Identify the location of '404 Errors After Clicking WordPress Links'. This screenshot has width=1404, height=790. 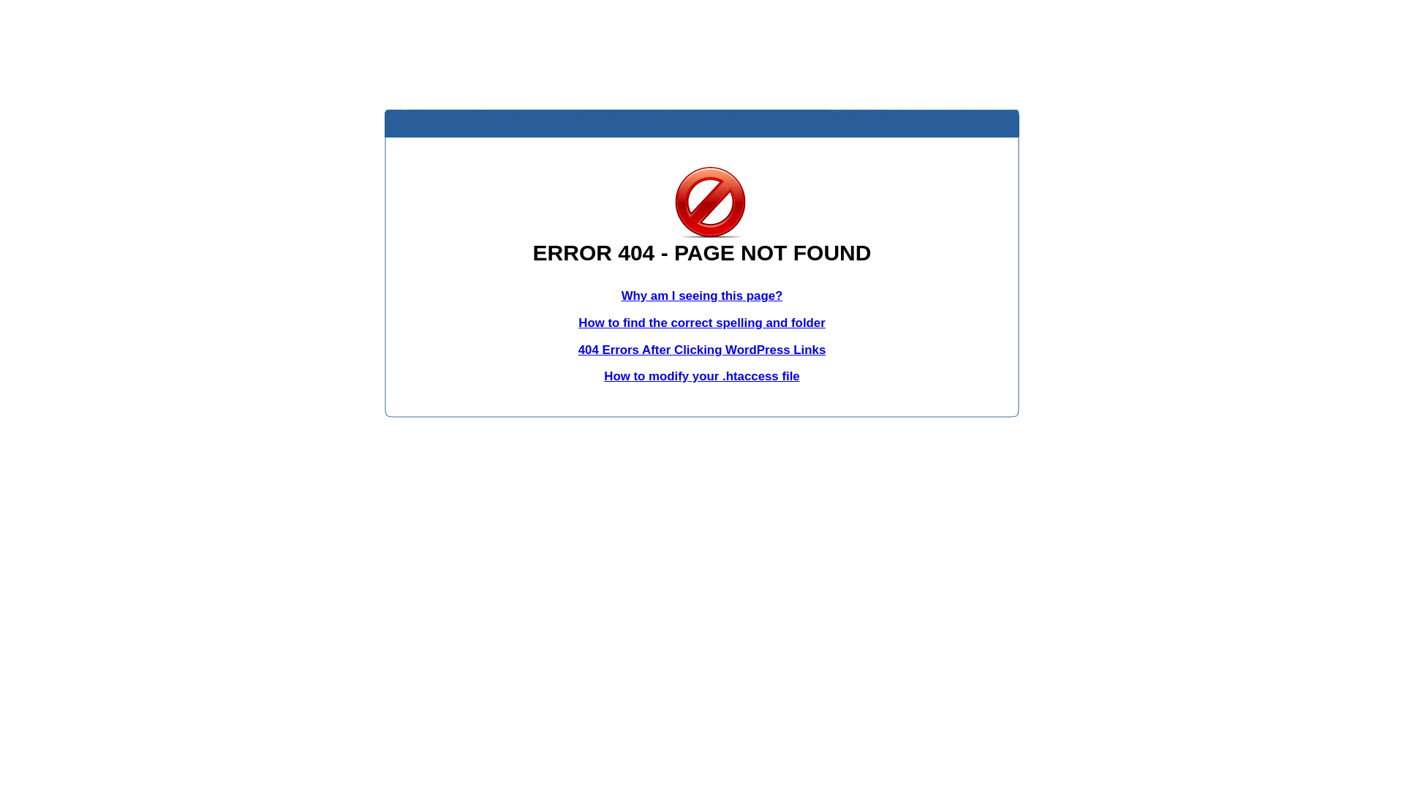
(702, 350).